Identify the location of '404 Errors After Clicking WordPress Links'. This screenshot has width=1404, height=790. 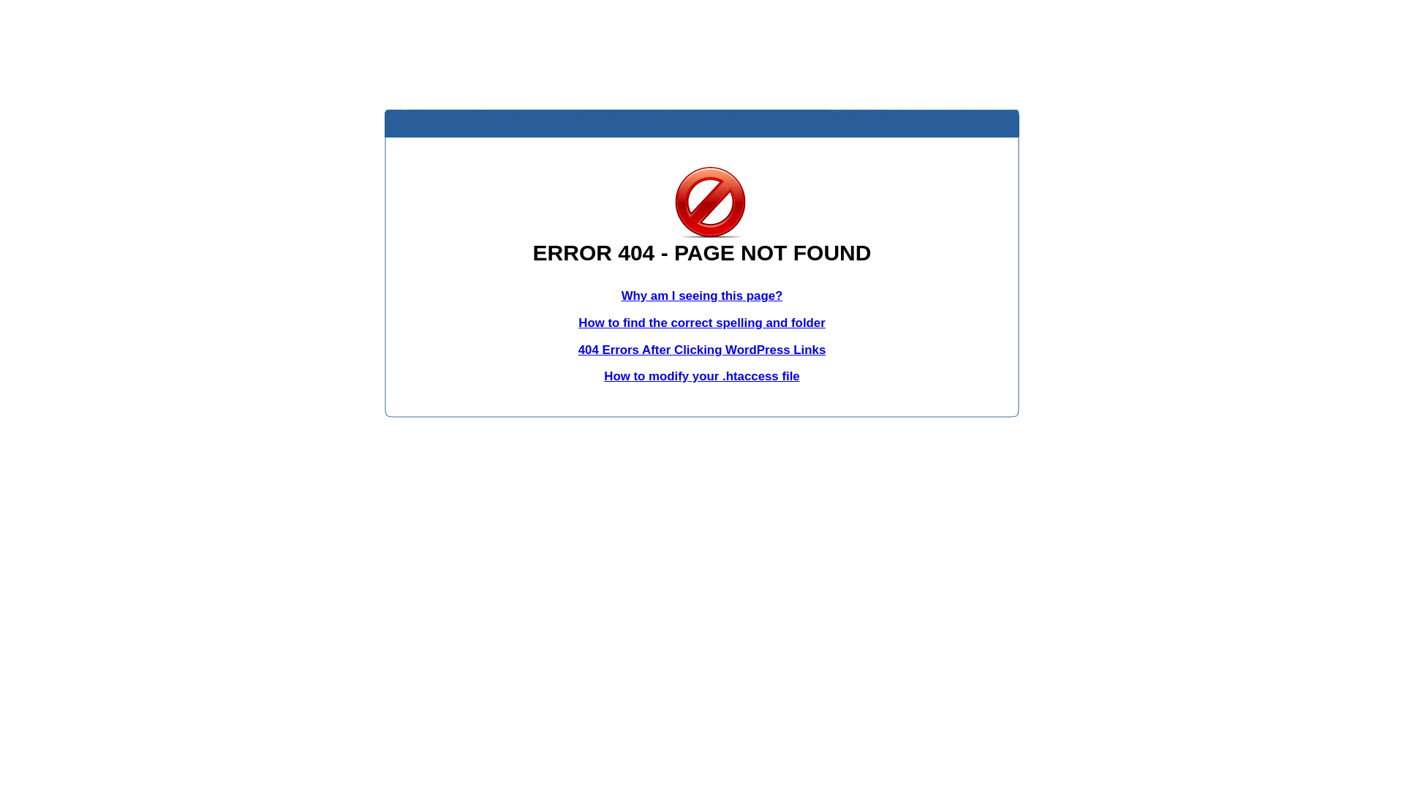
(702, 350).